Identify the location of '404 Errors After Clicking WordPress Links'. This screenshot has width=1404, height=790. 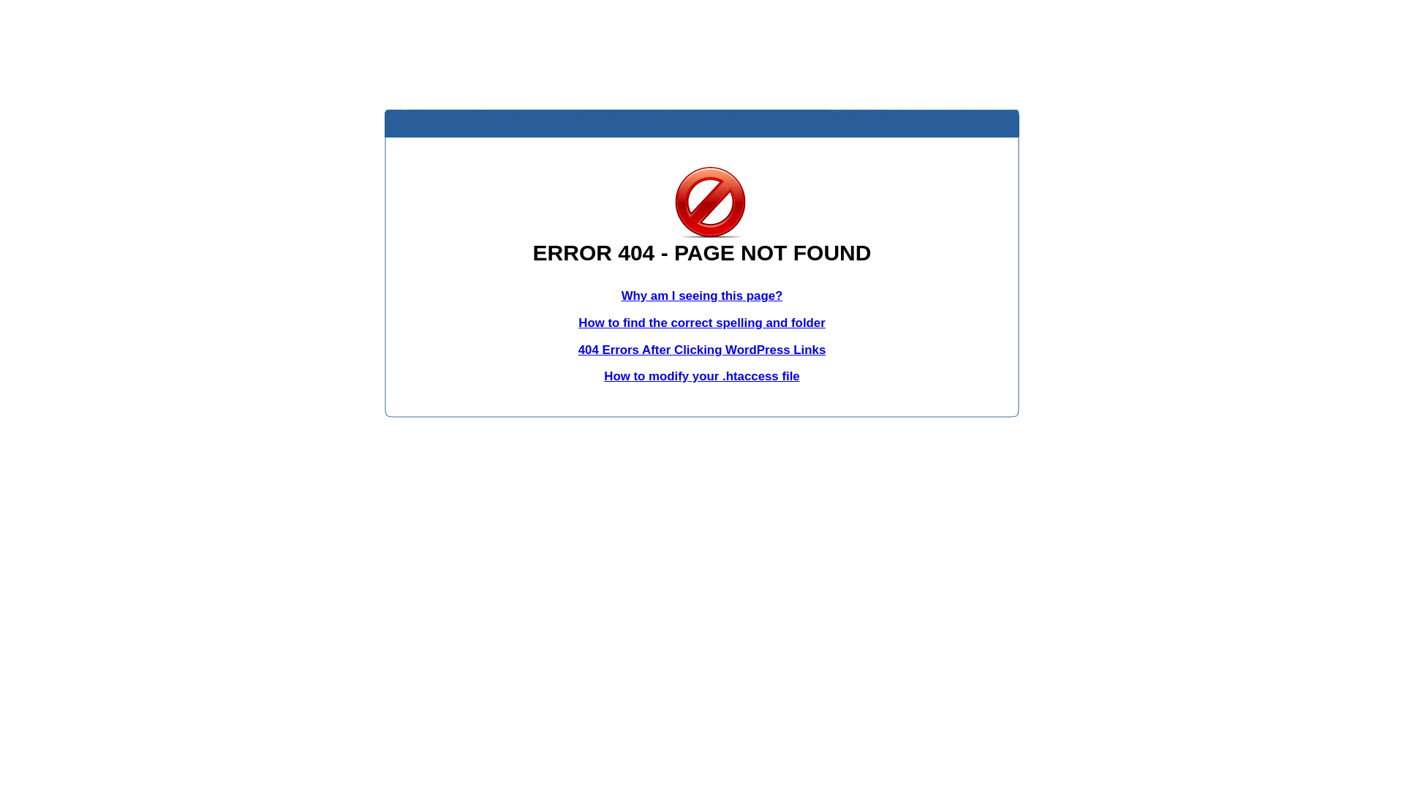
(702, 350).